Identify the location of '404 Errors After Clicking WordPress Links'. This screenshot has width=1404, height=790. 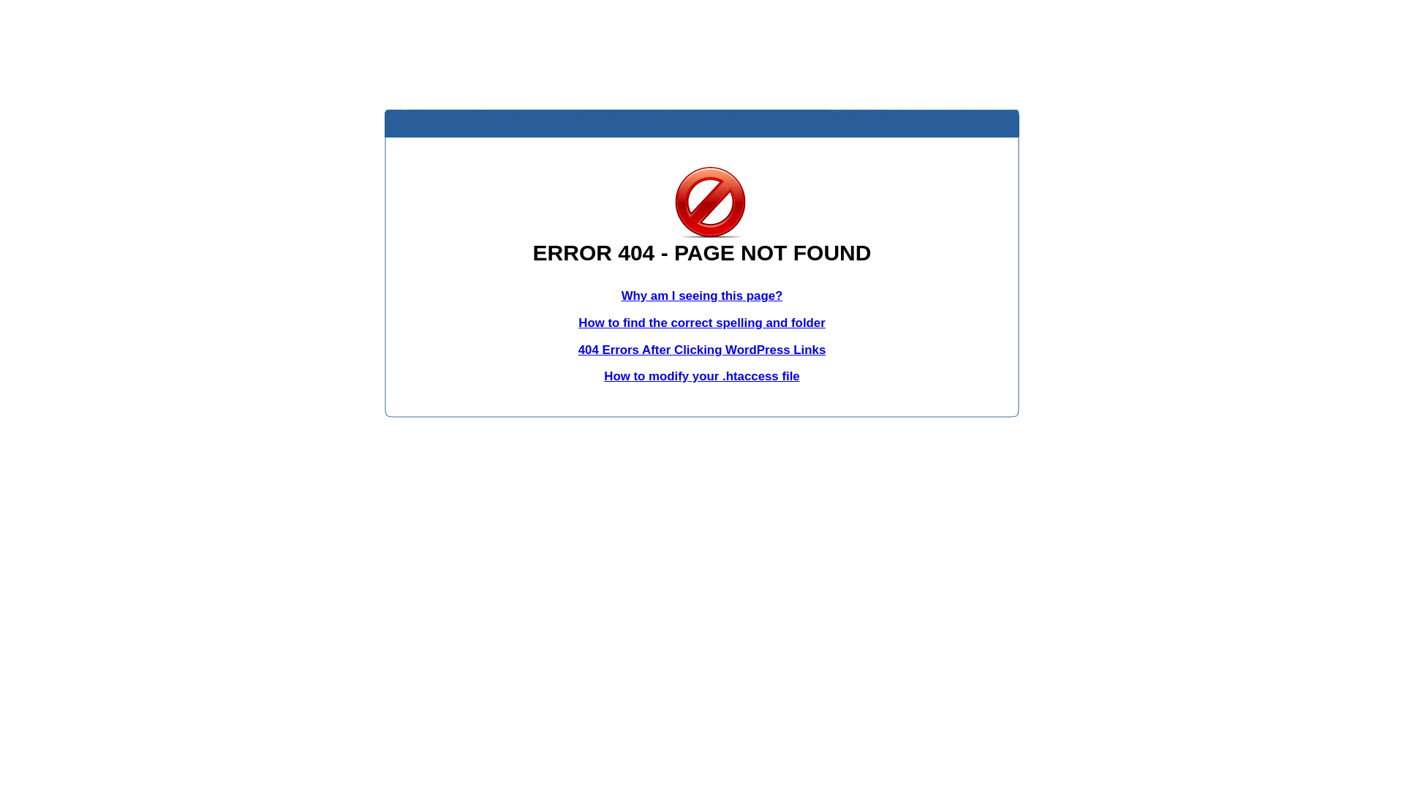
(702, 350).